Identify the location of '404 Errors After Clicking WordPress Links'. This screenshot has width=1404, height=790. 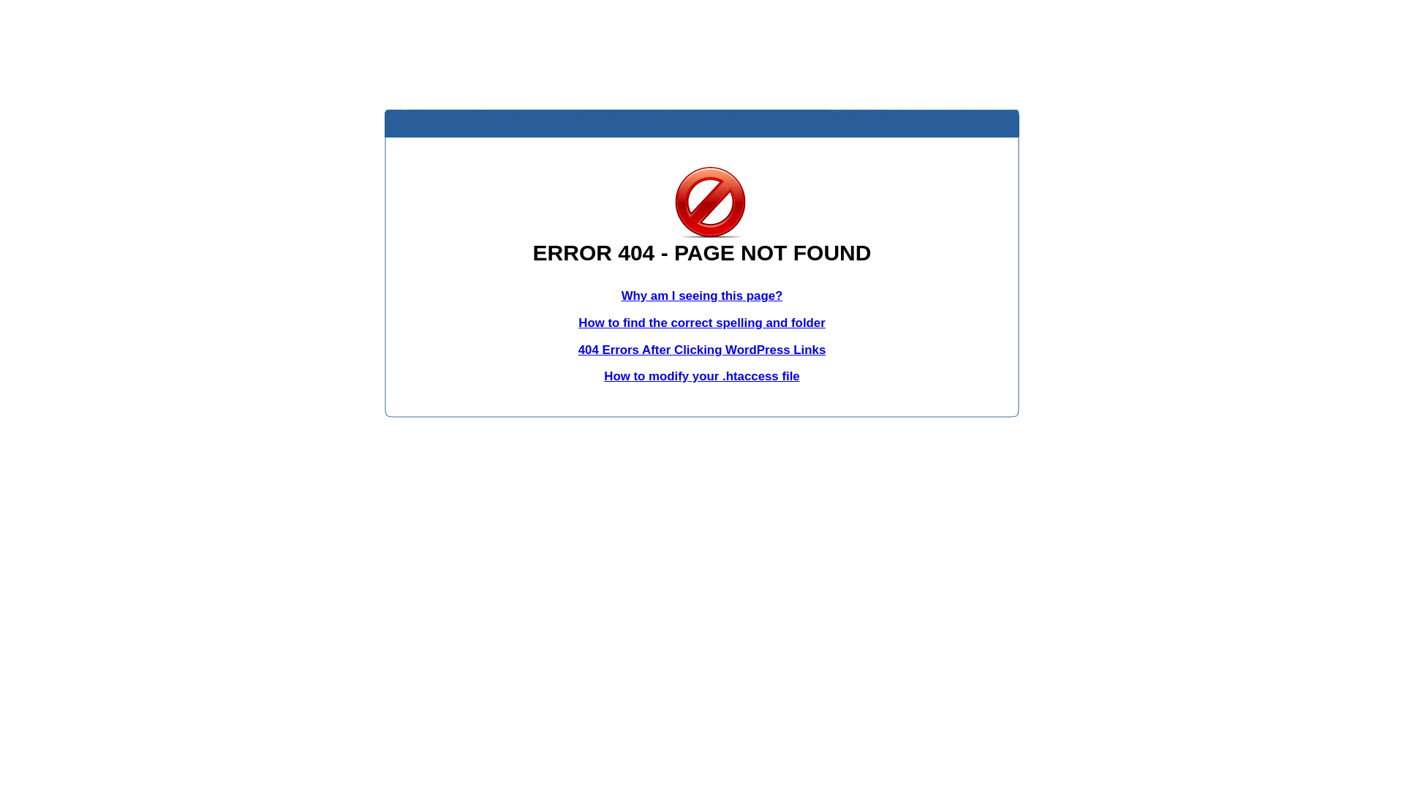
(702, 350).